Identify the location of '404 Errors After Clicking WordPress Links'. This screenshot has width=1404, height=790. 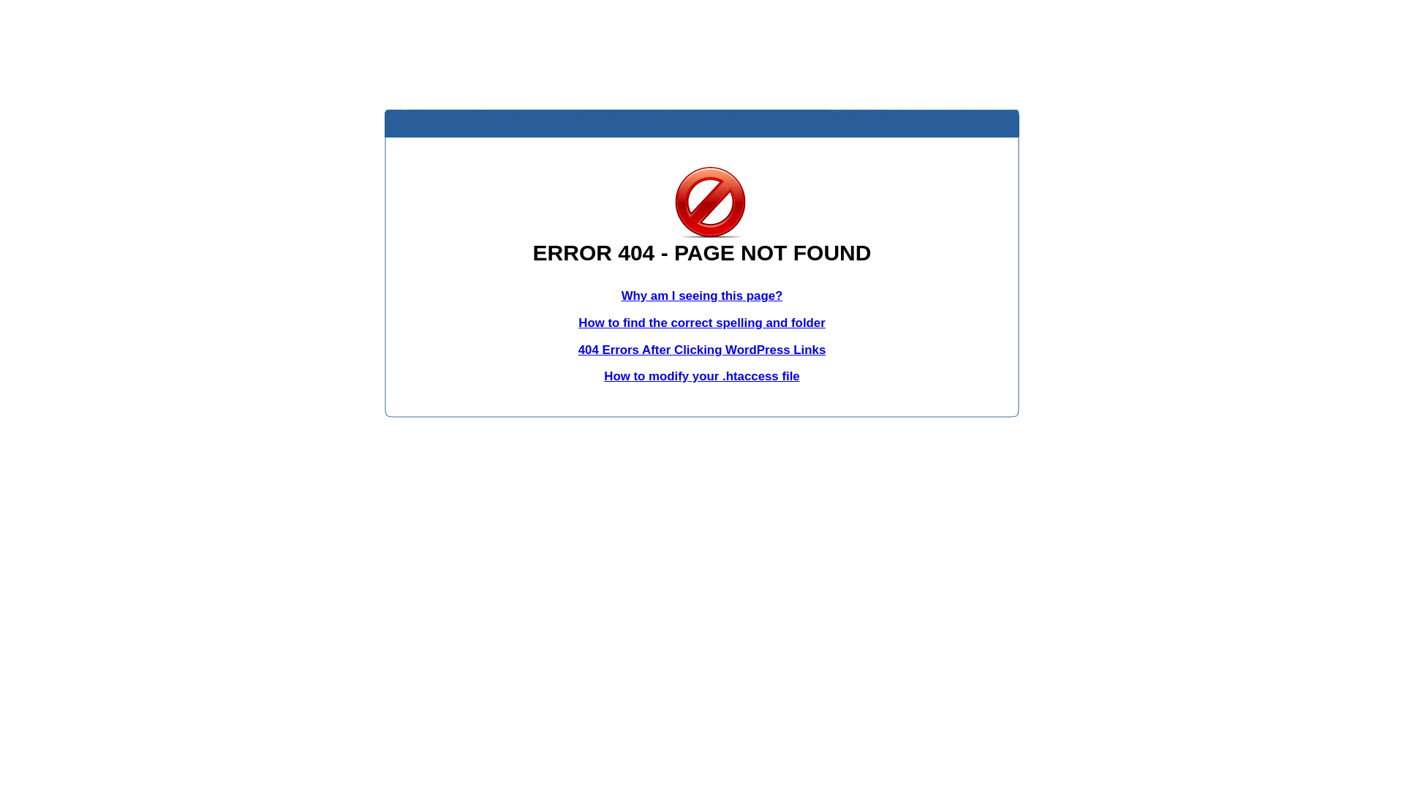
(702, 350).